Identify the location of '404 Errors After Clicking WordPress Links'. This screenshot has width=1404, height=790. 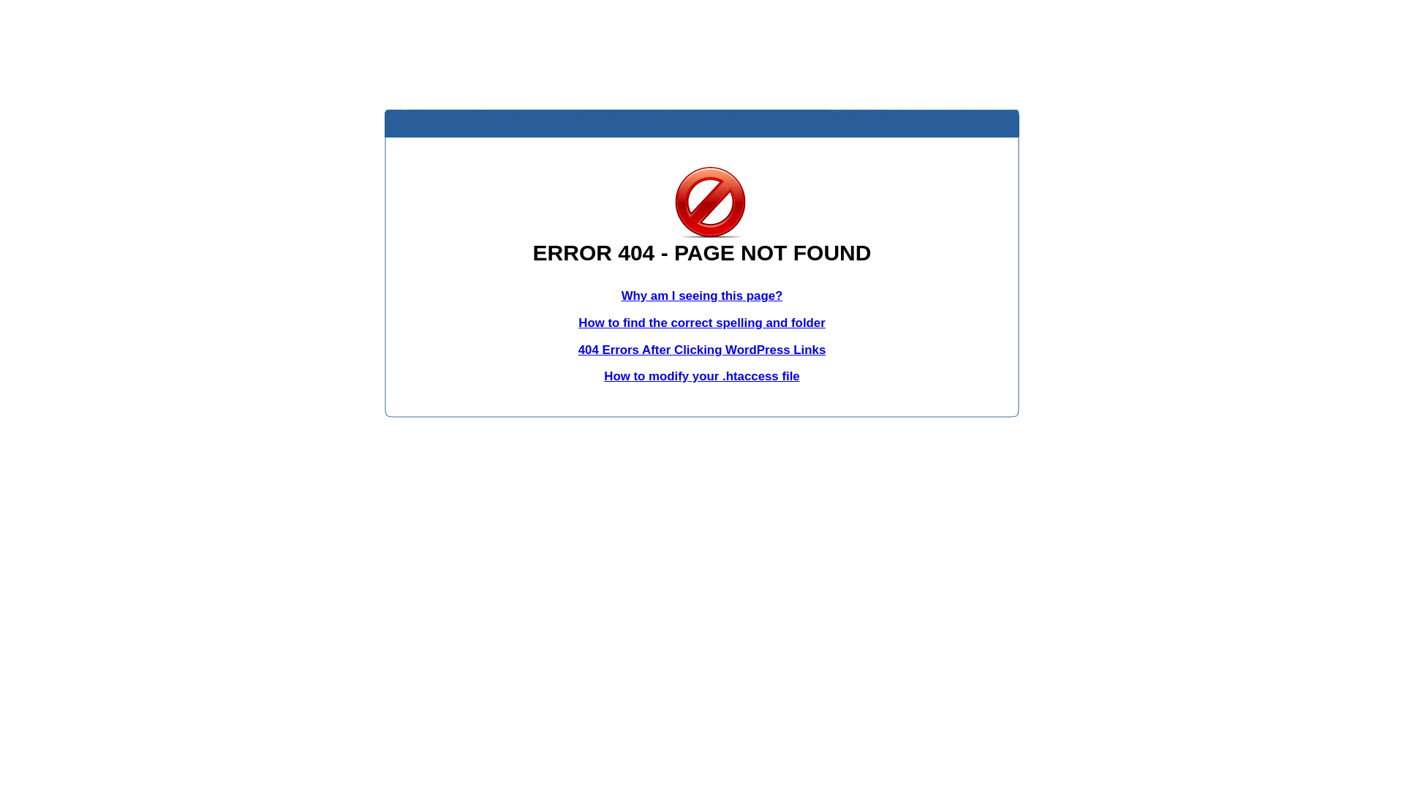
(702, 350).